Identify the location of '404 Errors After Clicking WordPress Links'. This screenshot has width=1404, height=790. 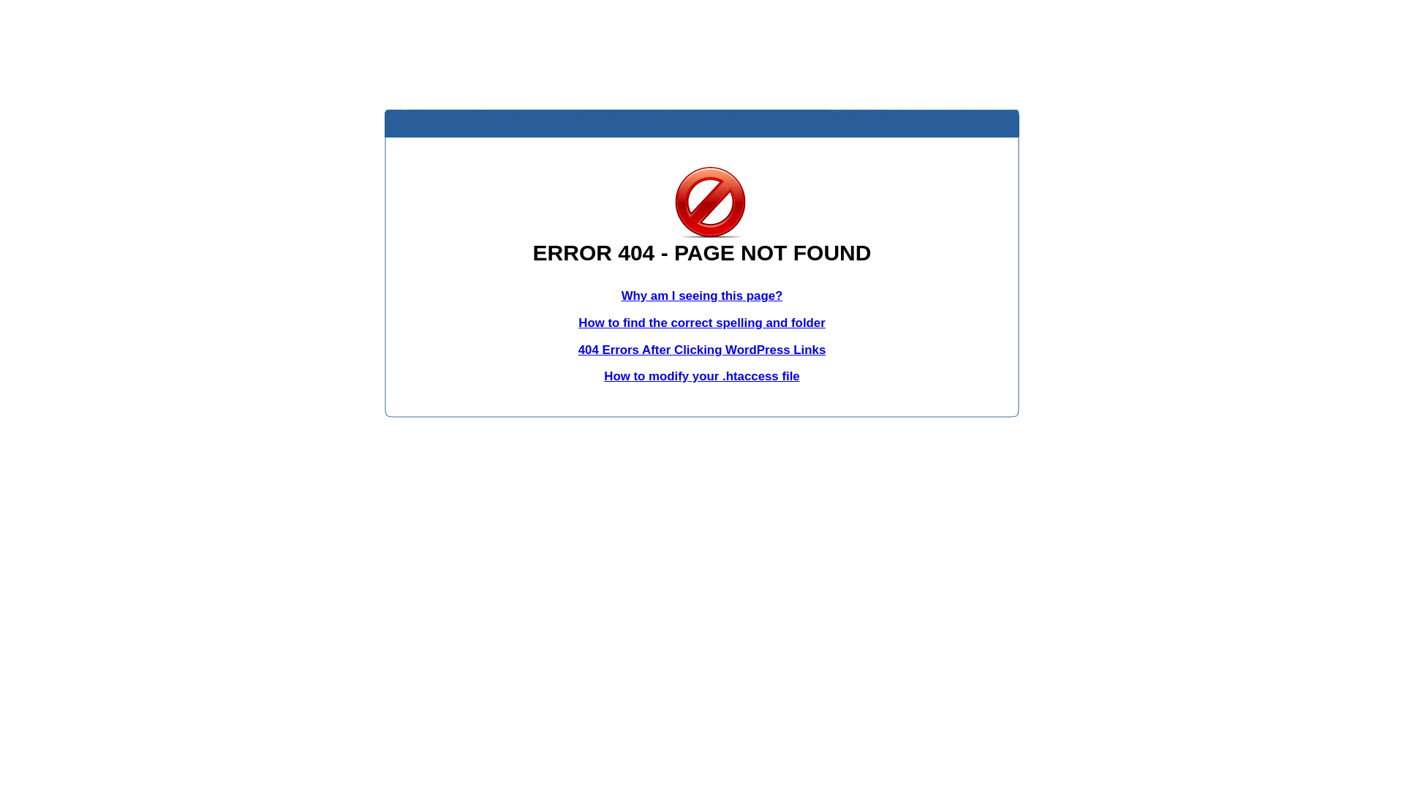
(702, 350).